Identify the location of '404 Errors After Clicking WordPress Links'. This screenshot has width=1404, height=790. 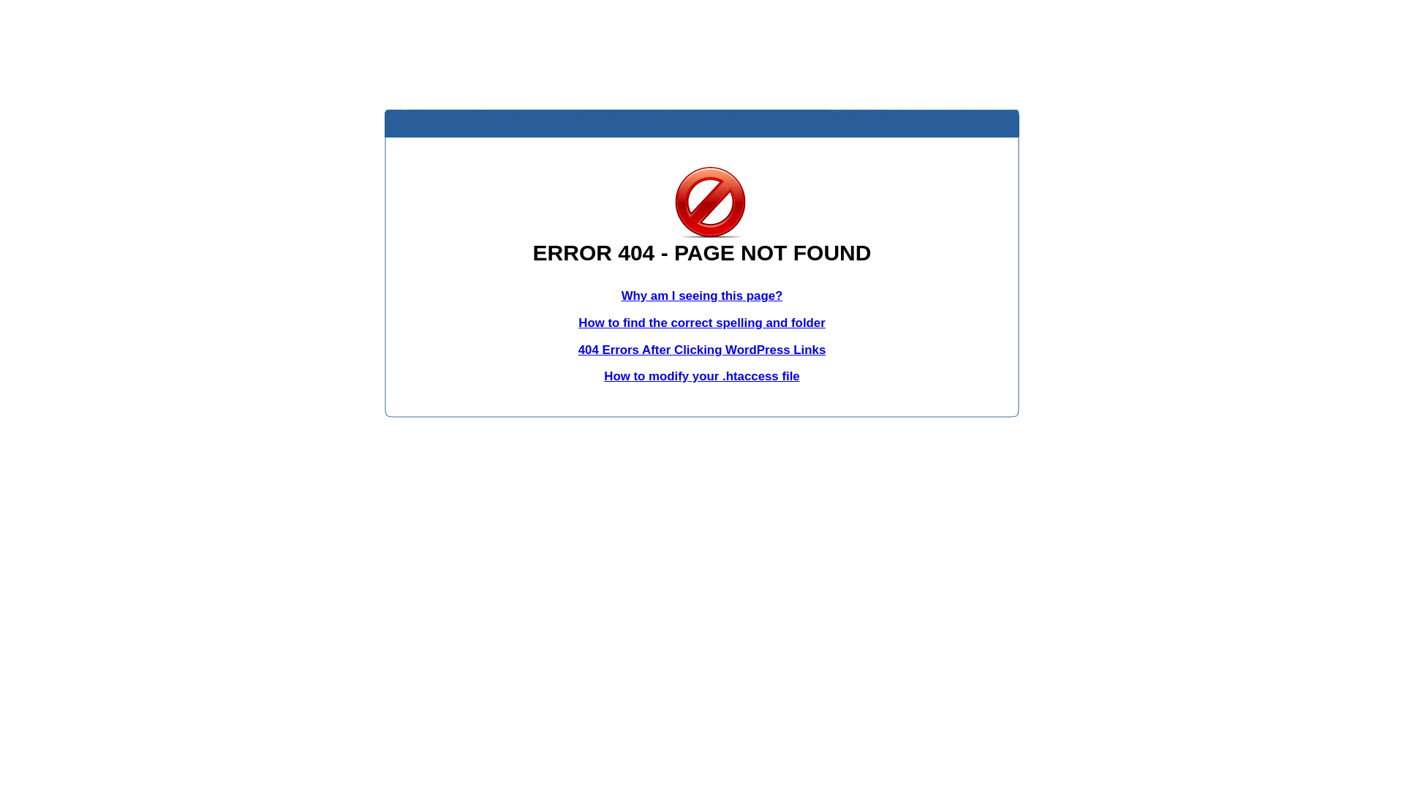
(702, 350).